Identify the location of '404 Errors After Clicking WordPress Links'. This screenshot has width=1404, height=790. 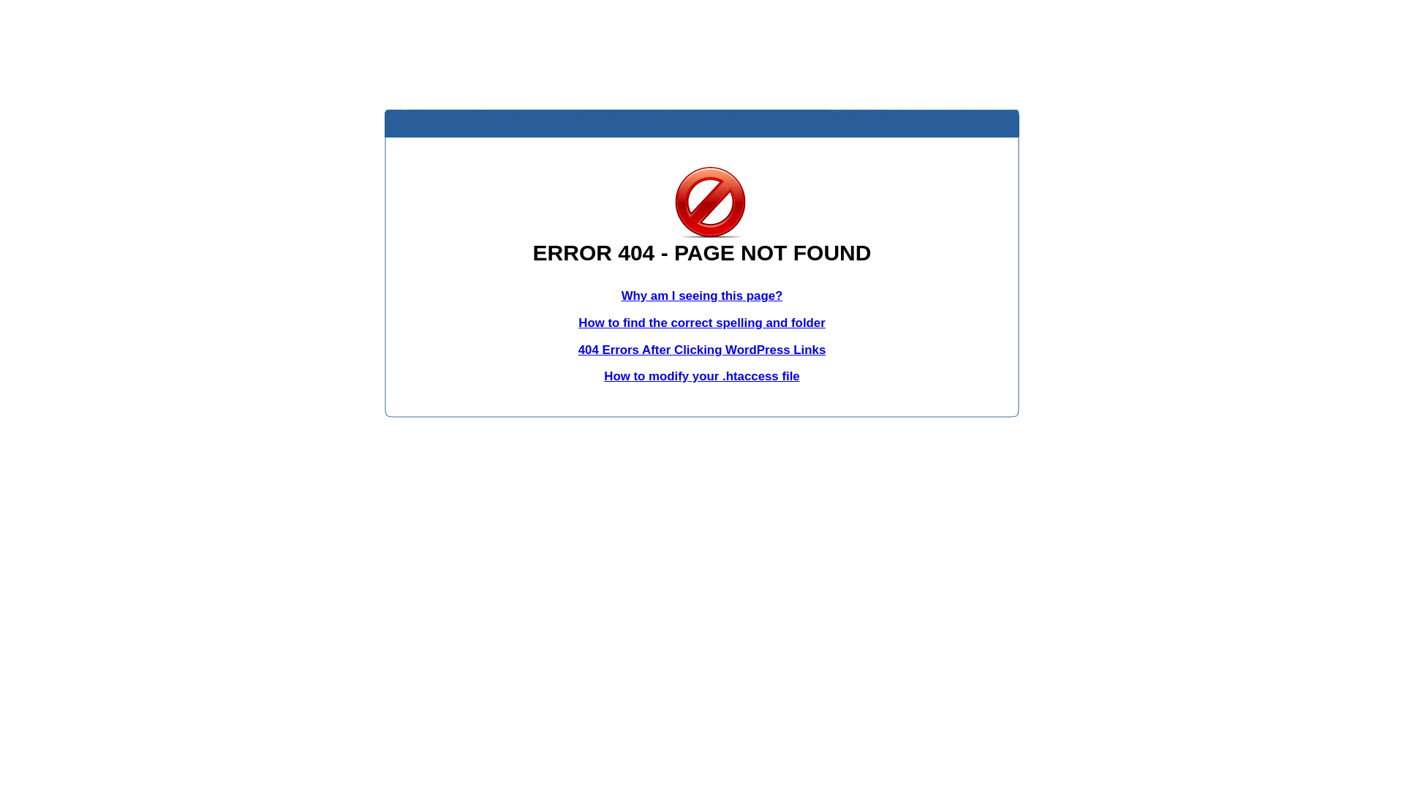
(702, 350).